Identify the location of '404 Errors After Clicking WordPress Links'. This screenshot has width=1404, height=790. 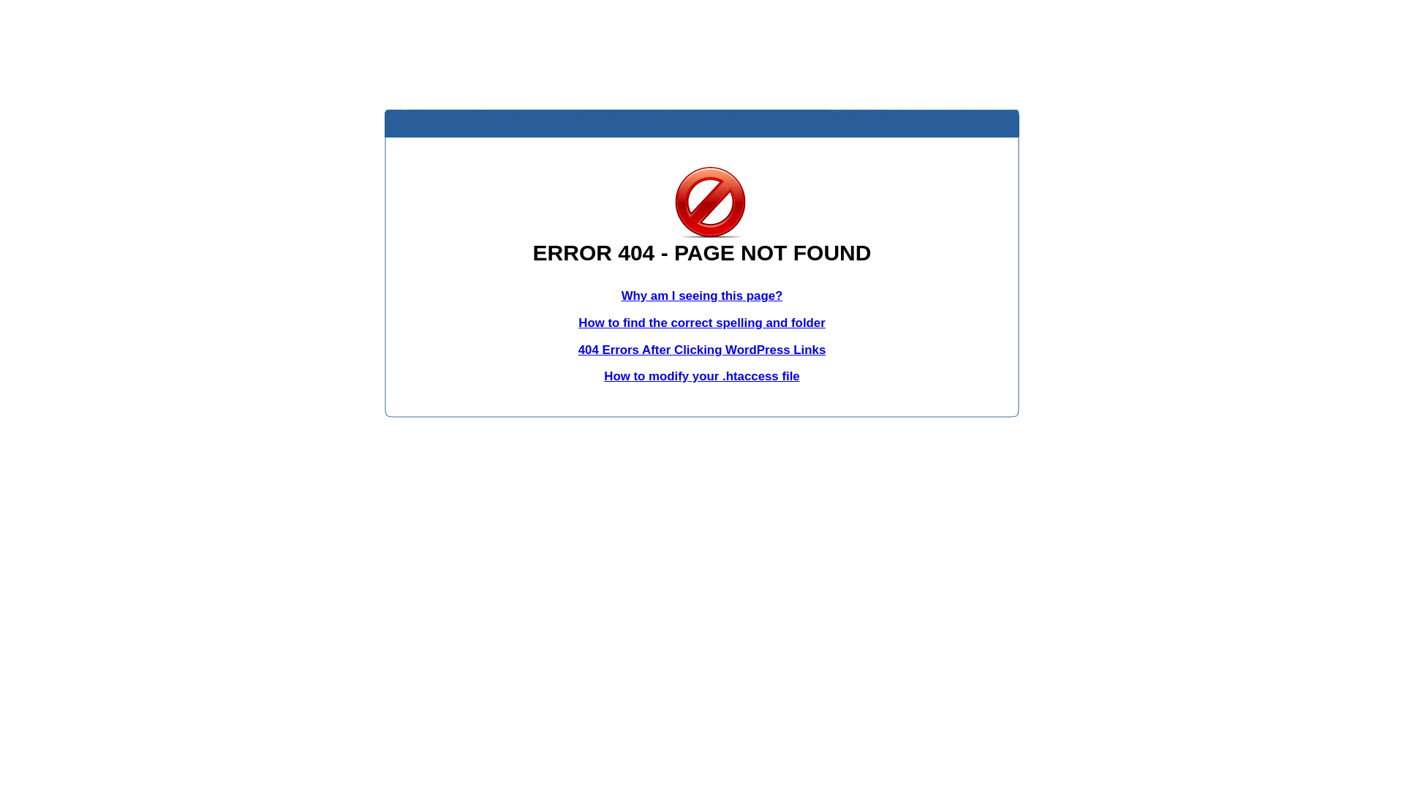
(702, 350).